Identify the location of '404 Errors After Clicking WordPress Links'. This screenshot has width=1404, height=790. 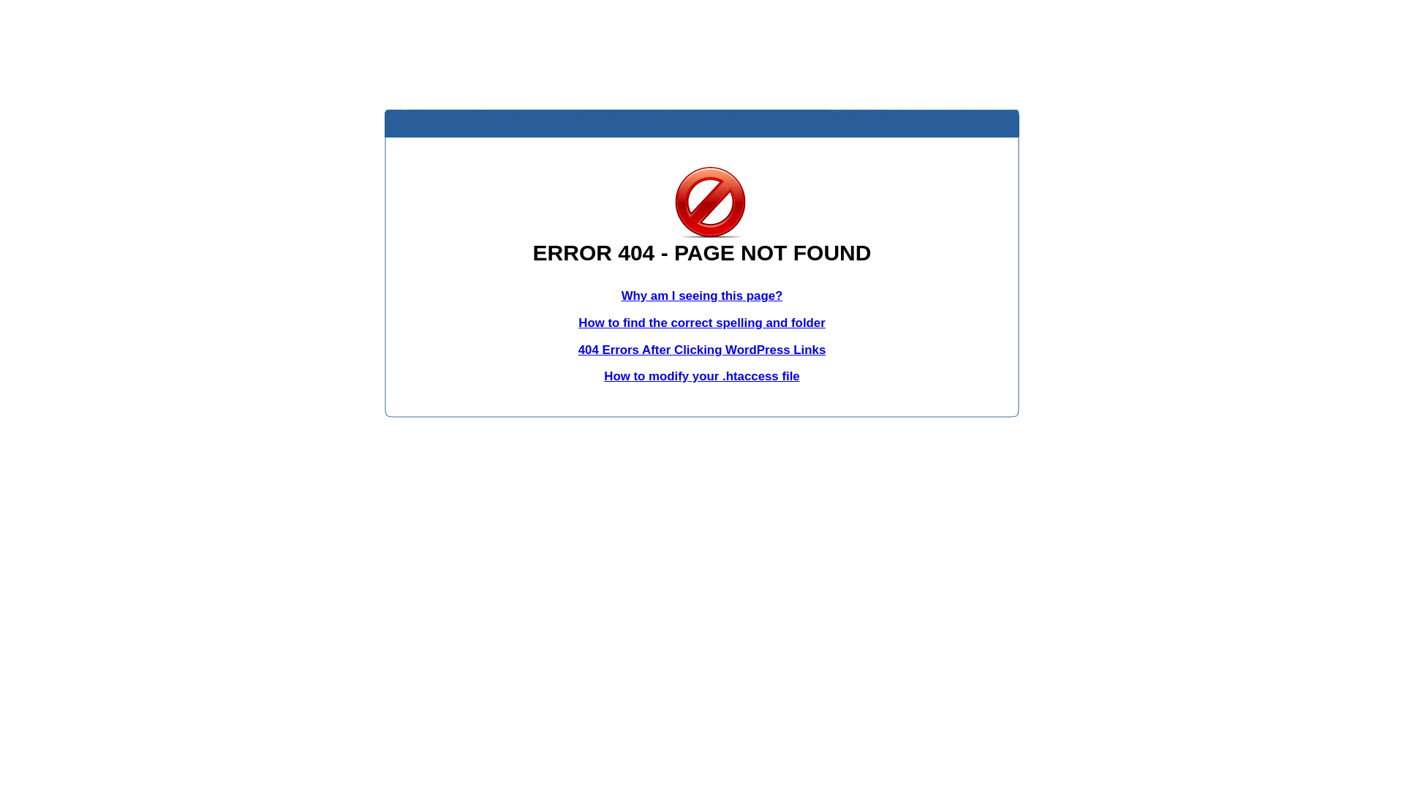
(702, 350).